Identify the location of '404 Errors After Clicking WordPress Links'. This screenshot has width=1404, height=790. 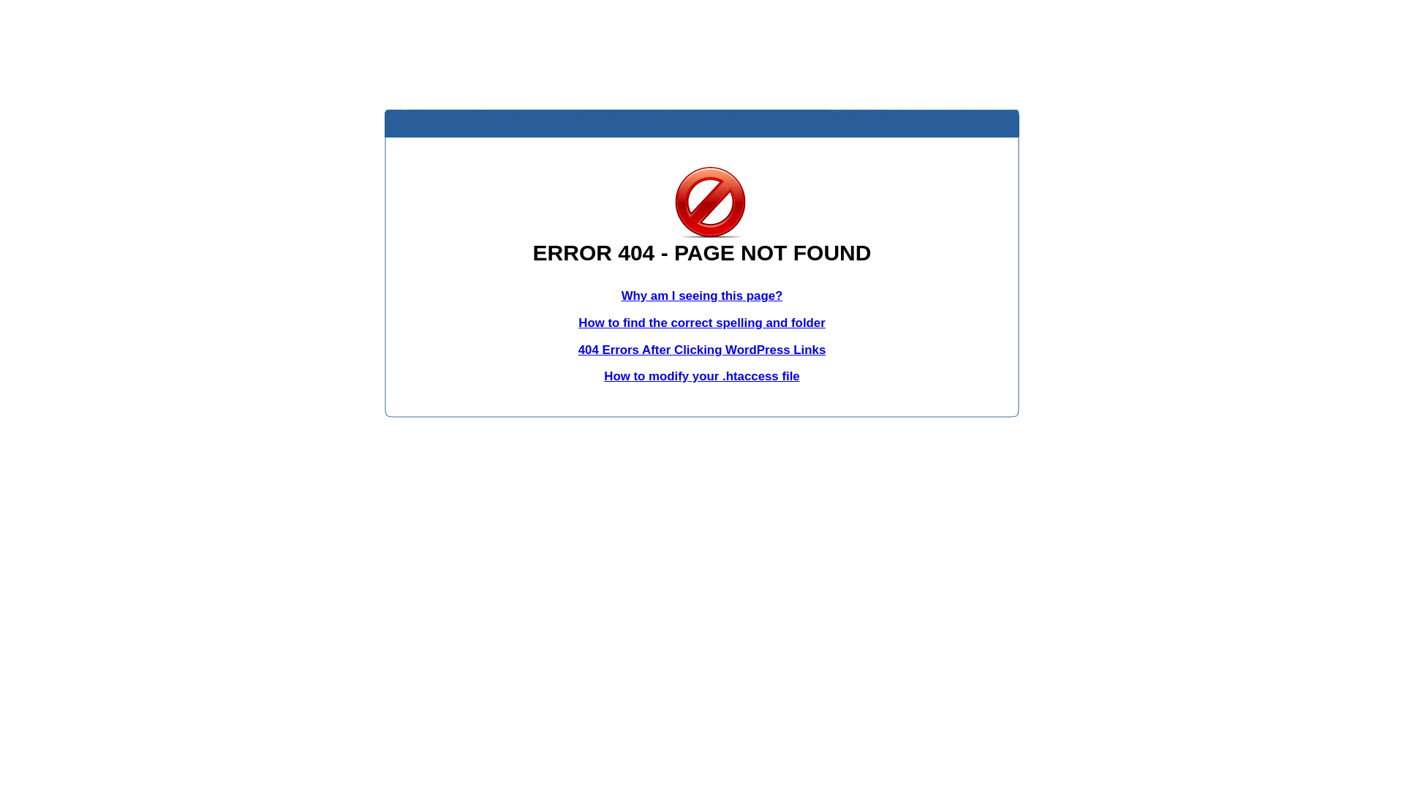
(702, 350).